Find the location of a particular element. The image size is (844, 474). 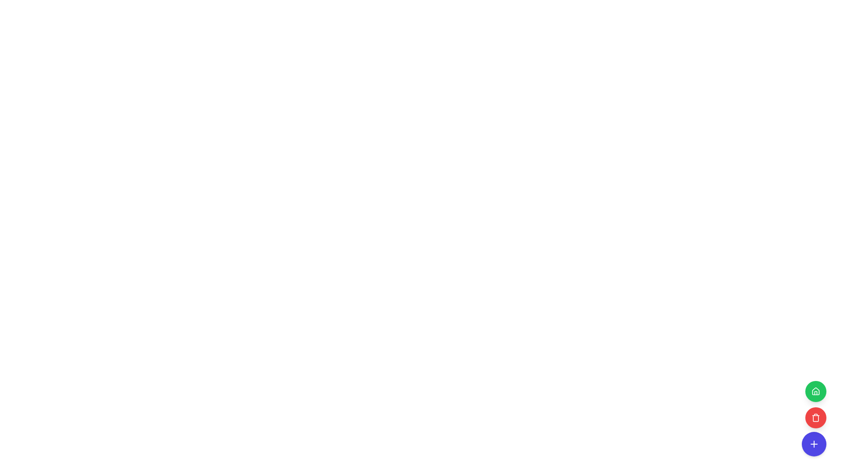

the blue circular button at the right edge of the interface, which is the last in a vertical sequence of three icons is located at coordinates (814, 444).